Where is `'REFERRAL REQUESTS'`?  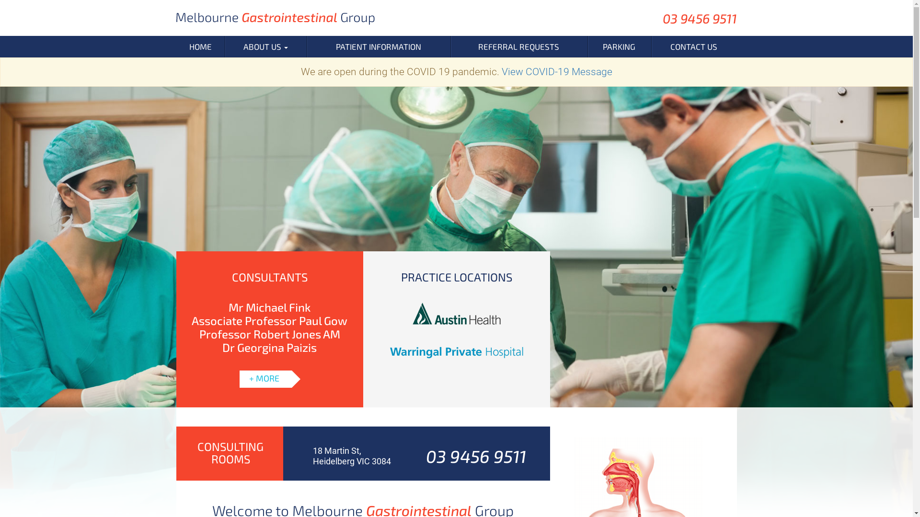 'REFERRAL REQUESTS' is located at coordinates (518, 46).